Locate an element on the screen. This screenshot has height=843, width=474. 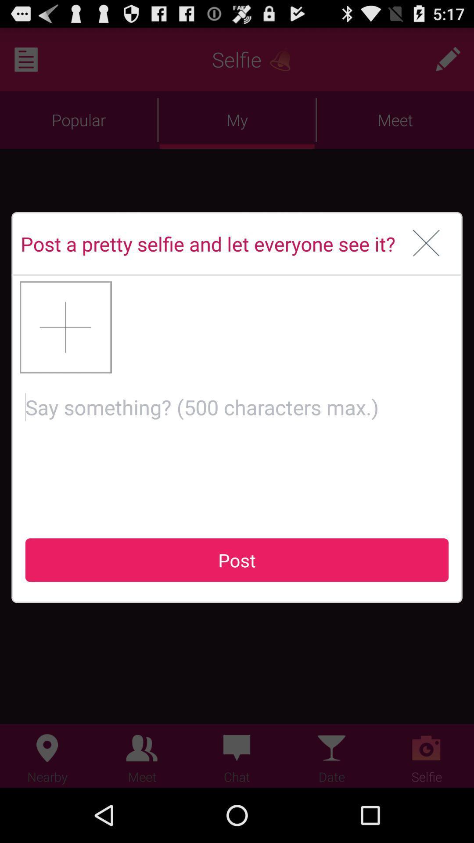
icon at the top right corner is located at coordinates (426, 244).